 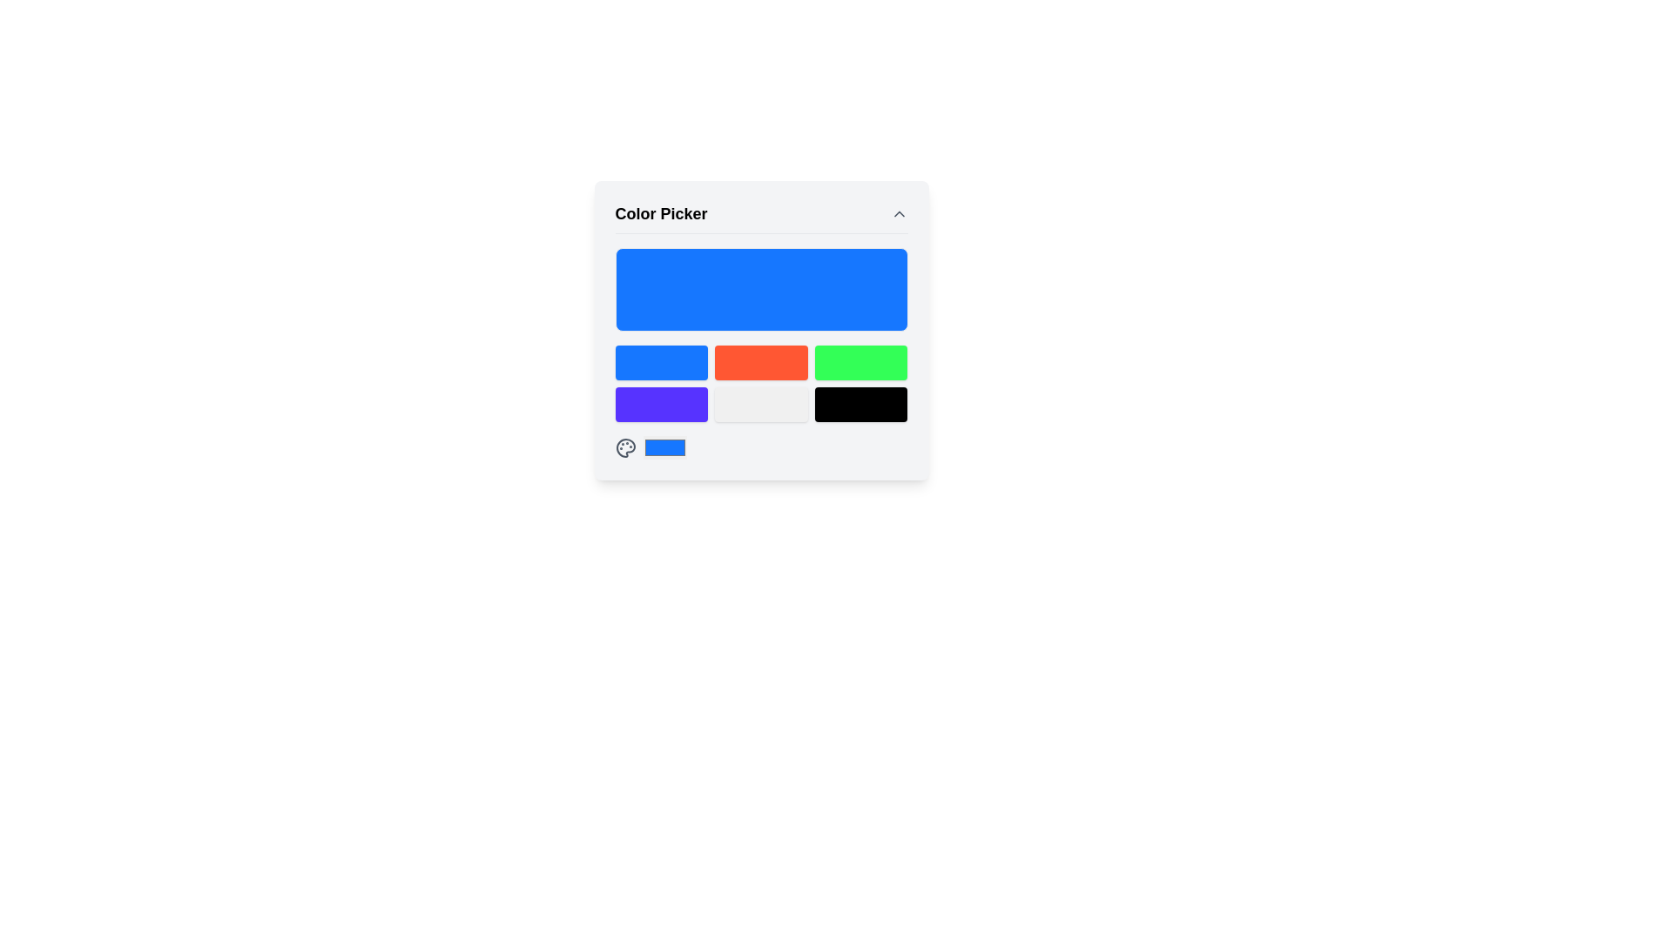 What do you see at coordinates (660, 213) in the screenshot?
I see `the 'Color Picker' text label located in the upper left section of the color selection interface` at bounding box center [660, 213].